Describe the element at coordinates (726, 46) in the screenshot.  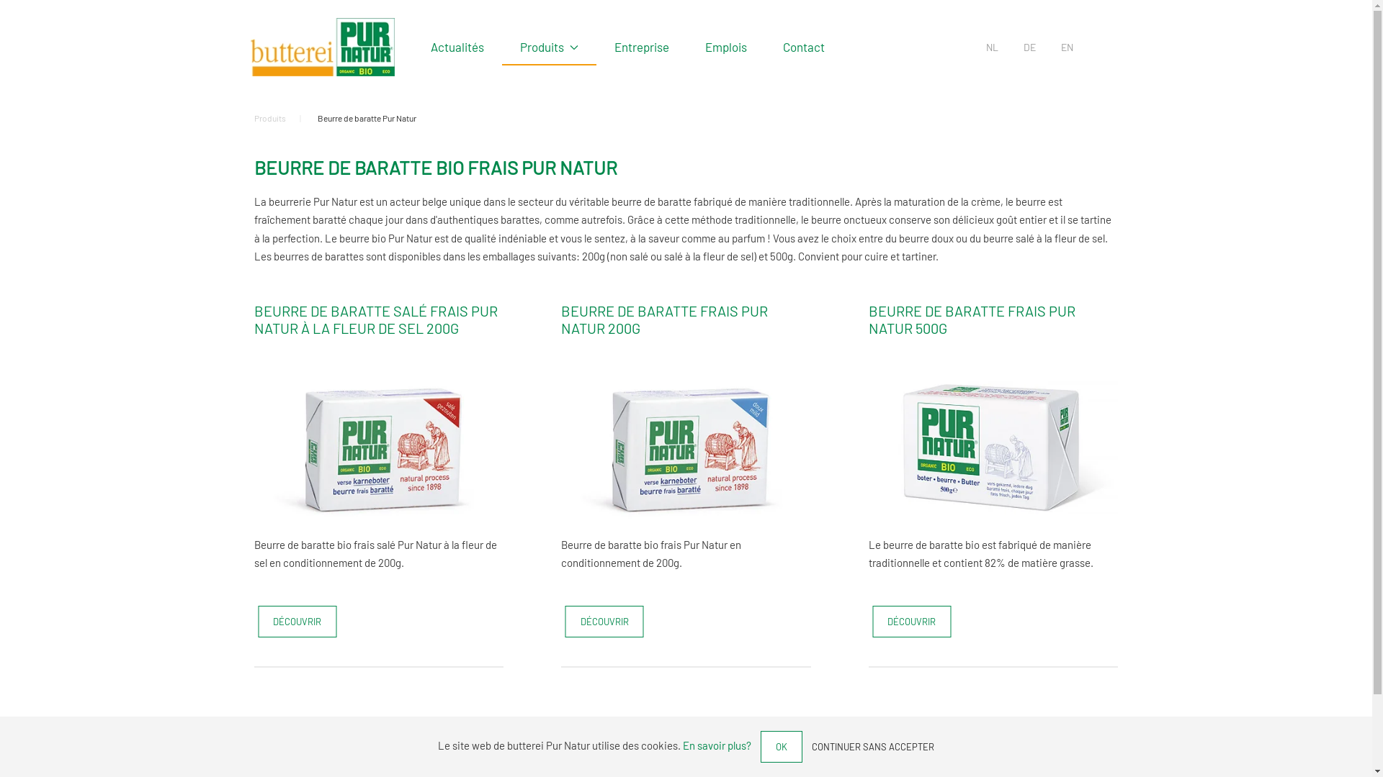
I see `'Emplois'` at that location.